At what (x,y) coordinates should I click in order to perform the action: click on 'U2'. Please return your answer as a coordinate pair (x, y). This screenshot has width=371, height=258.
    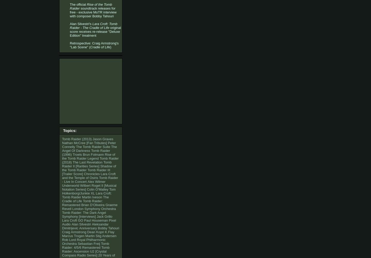
    Looking at the image, I should click on (92, 251).